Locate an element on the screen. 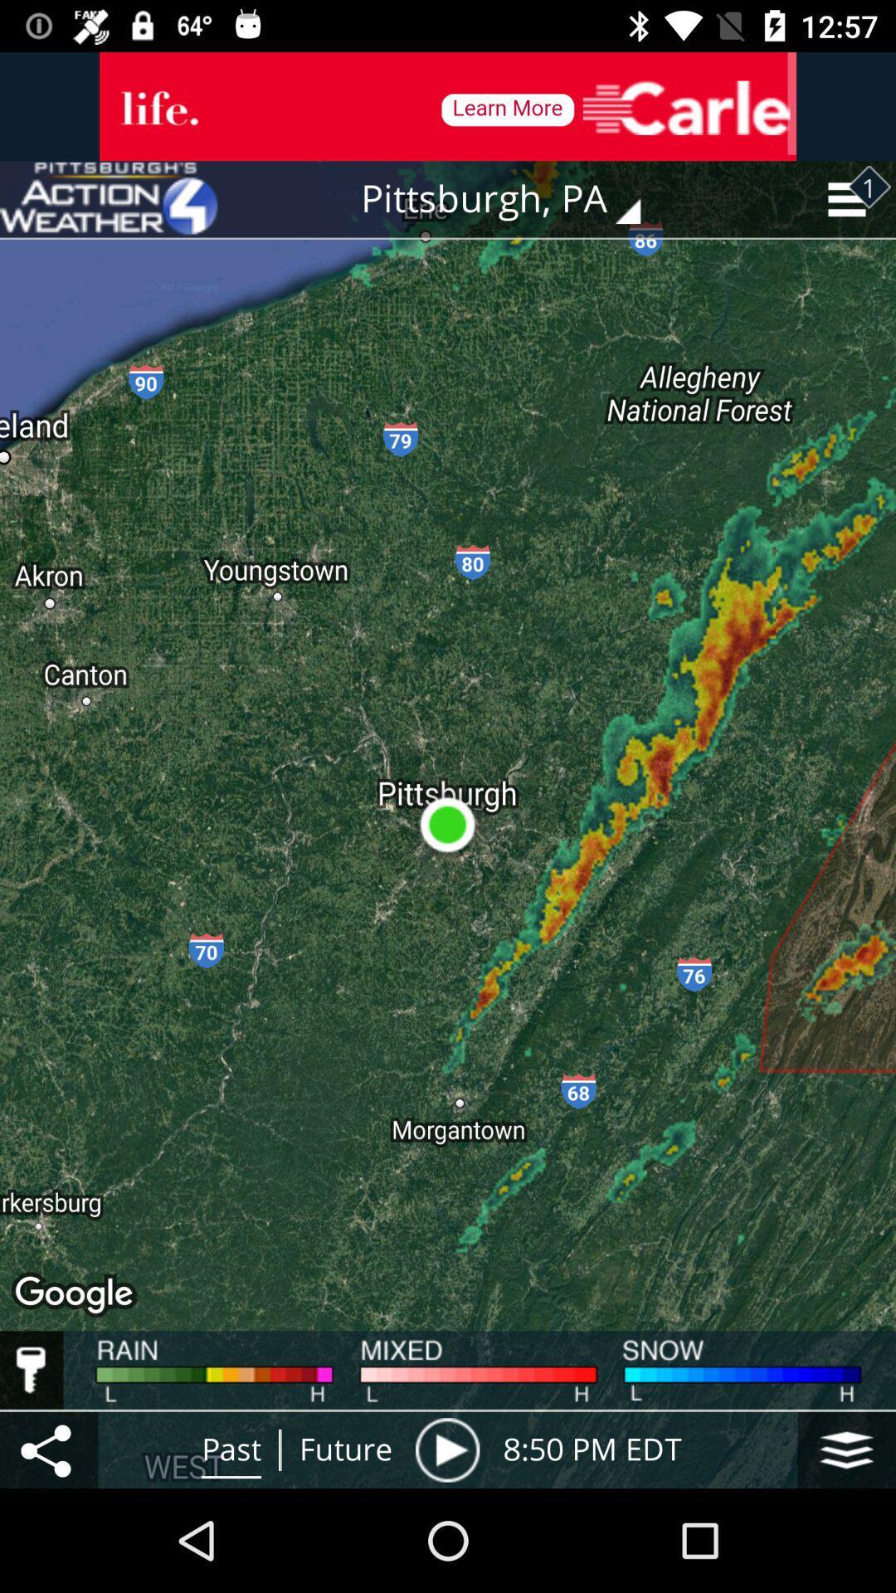 The height and width of the screenshot is (1593, 896). icon to the left of the past icon is located at coordinates (48, 1449).